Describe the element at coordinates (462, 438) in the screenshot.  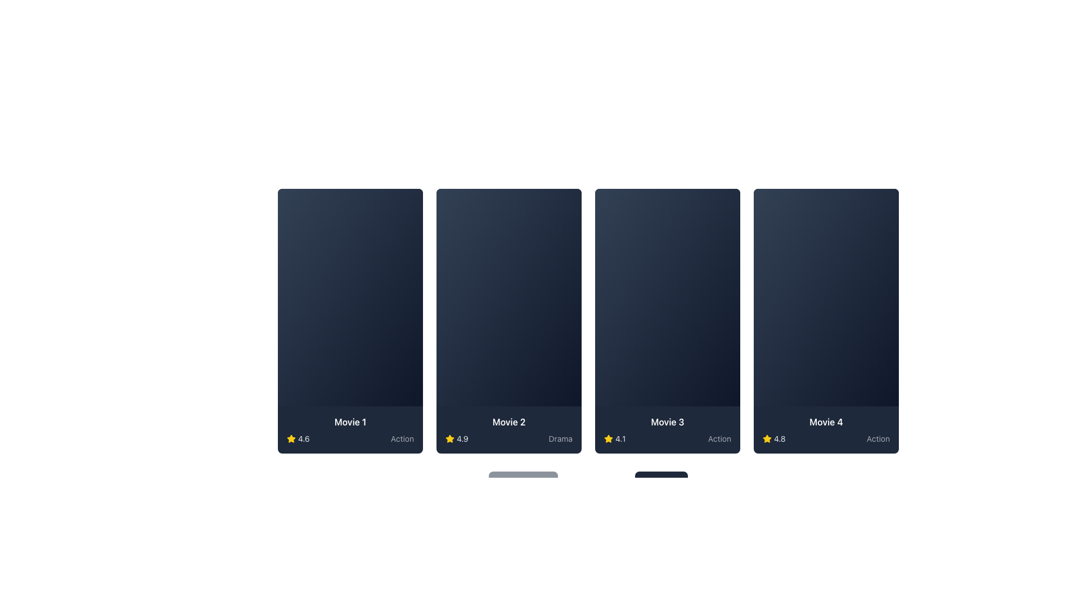
I see `the static text label displaying '4.9', which is a numeric text in white color with 90% opacity, located to the right of a yellow star icon in the second card of a grid layout` at that location.